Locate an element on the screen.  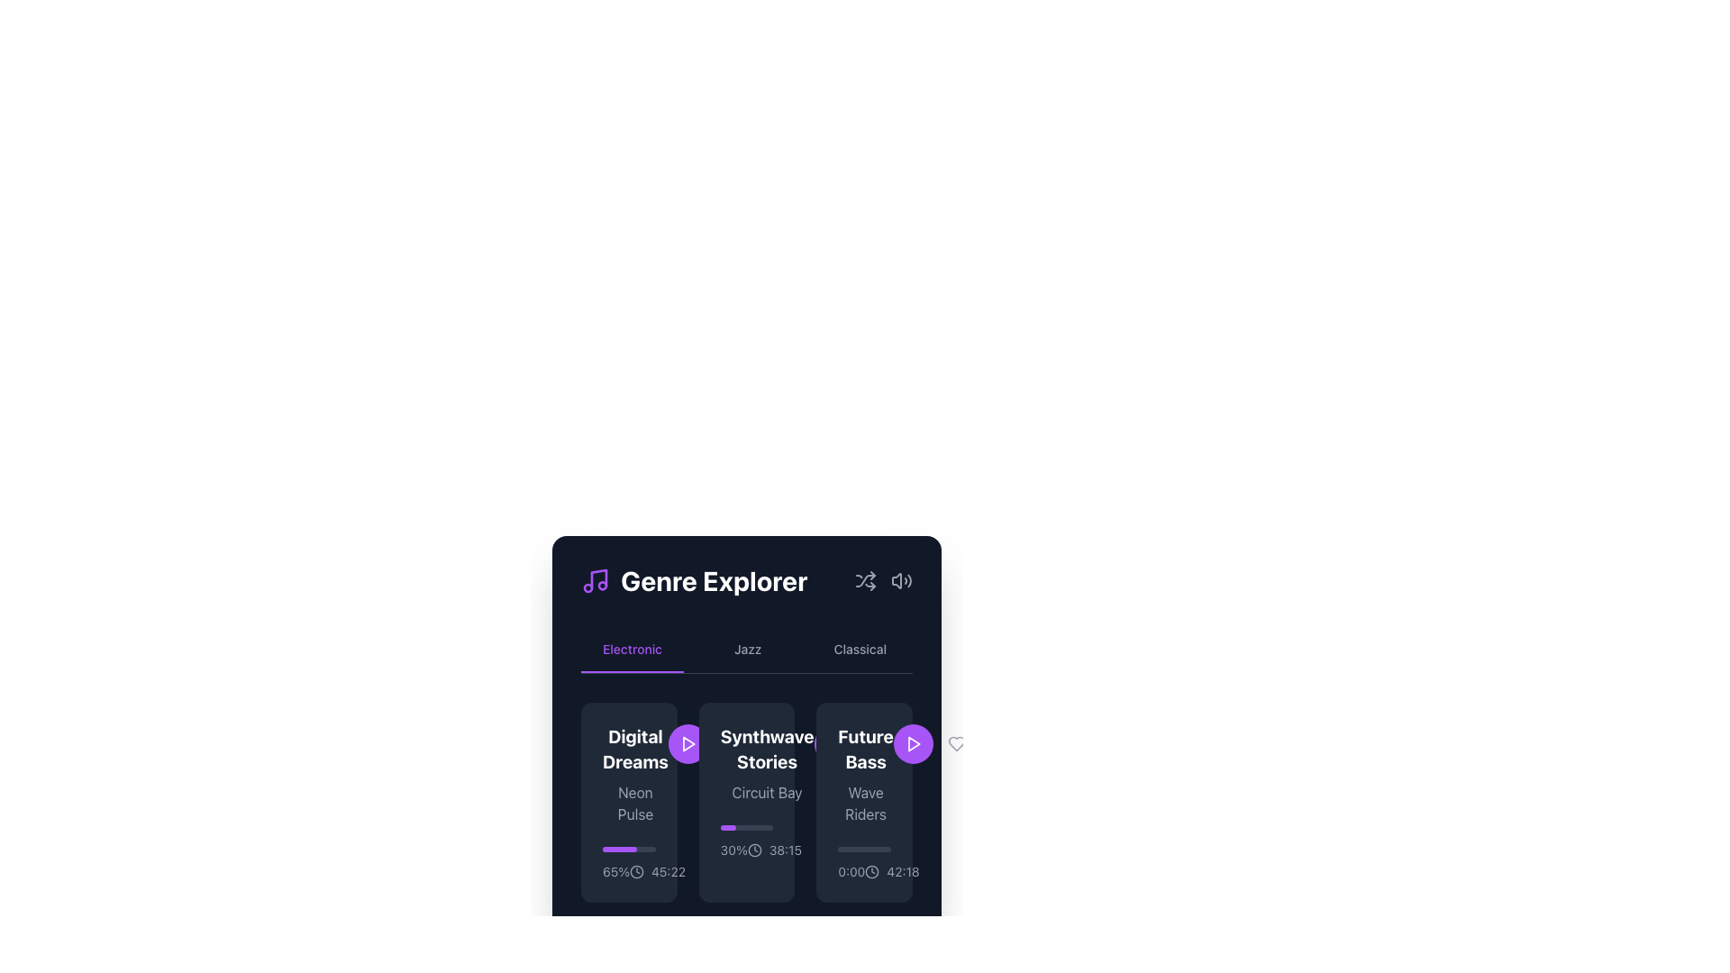
the heart-shaped favorite control icon is located at coordinates (877, 743).